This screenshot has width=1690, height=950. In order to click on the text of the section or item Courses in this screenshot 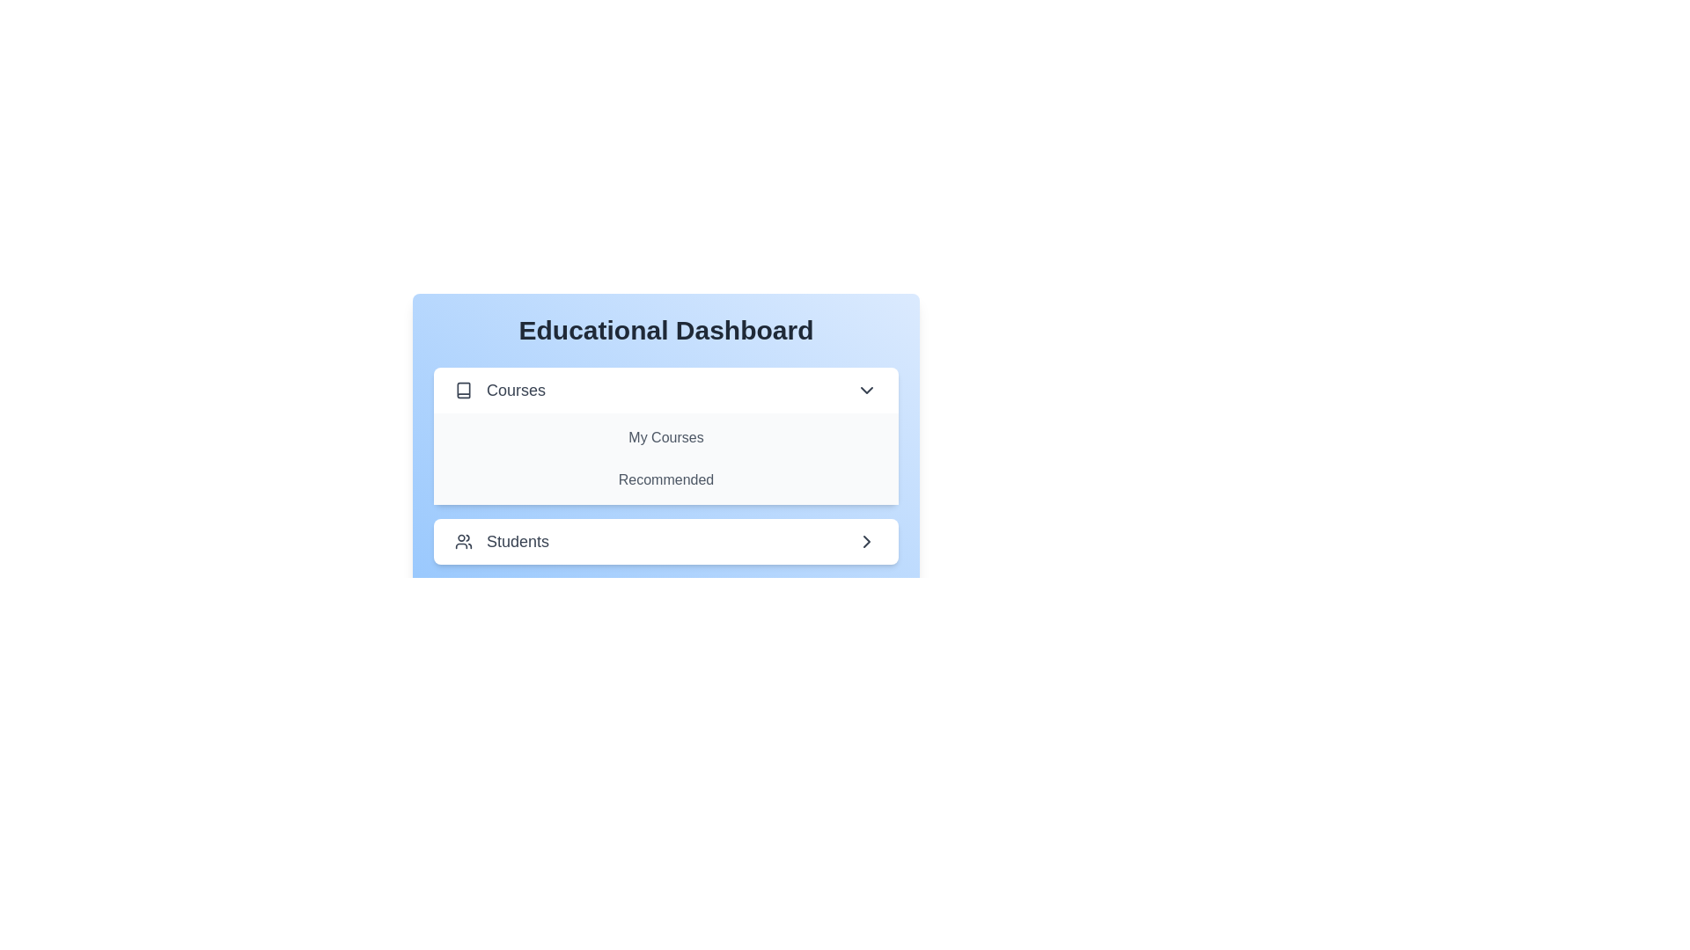, I will do `click(665, 389)`.